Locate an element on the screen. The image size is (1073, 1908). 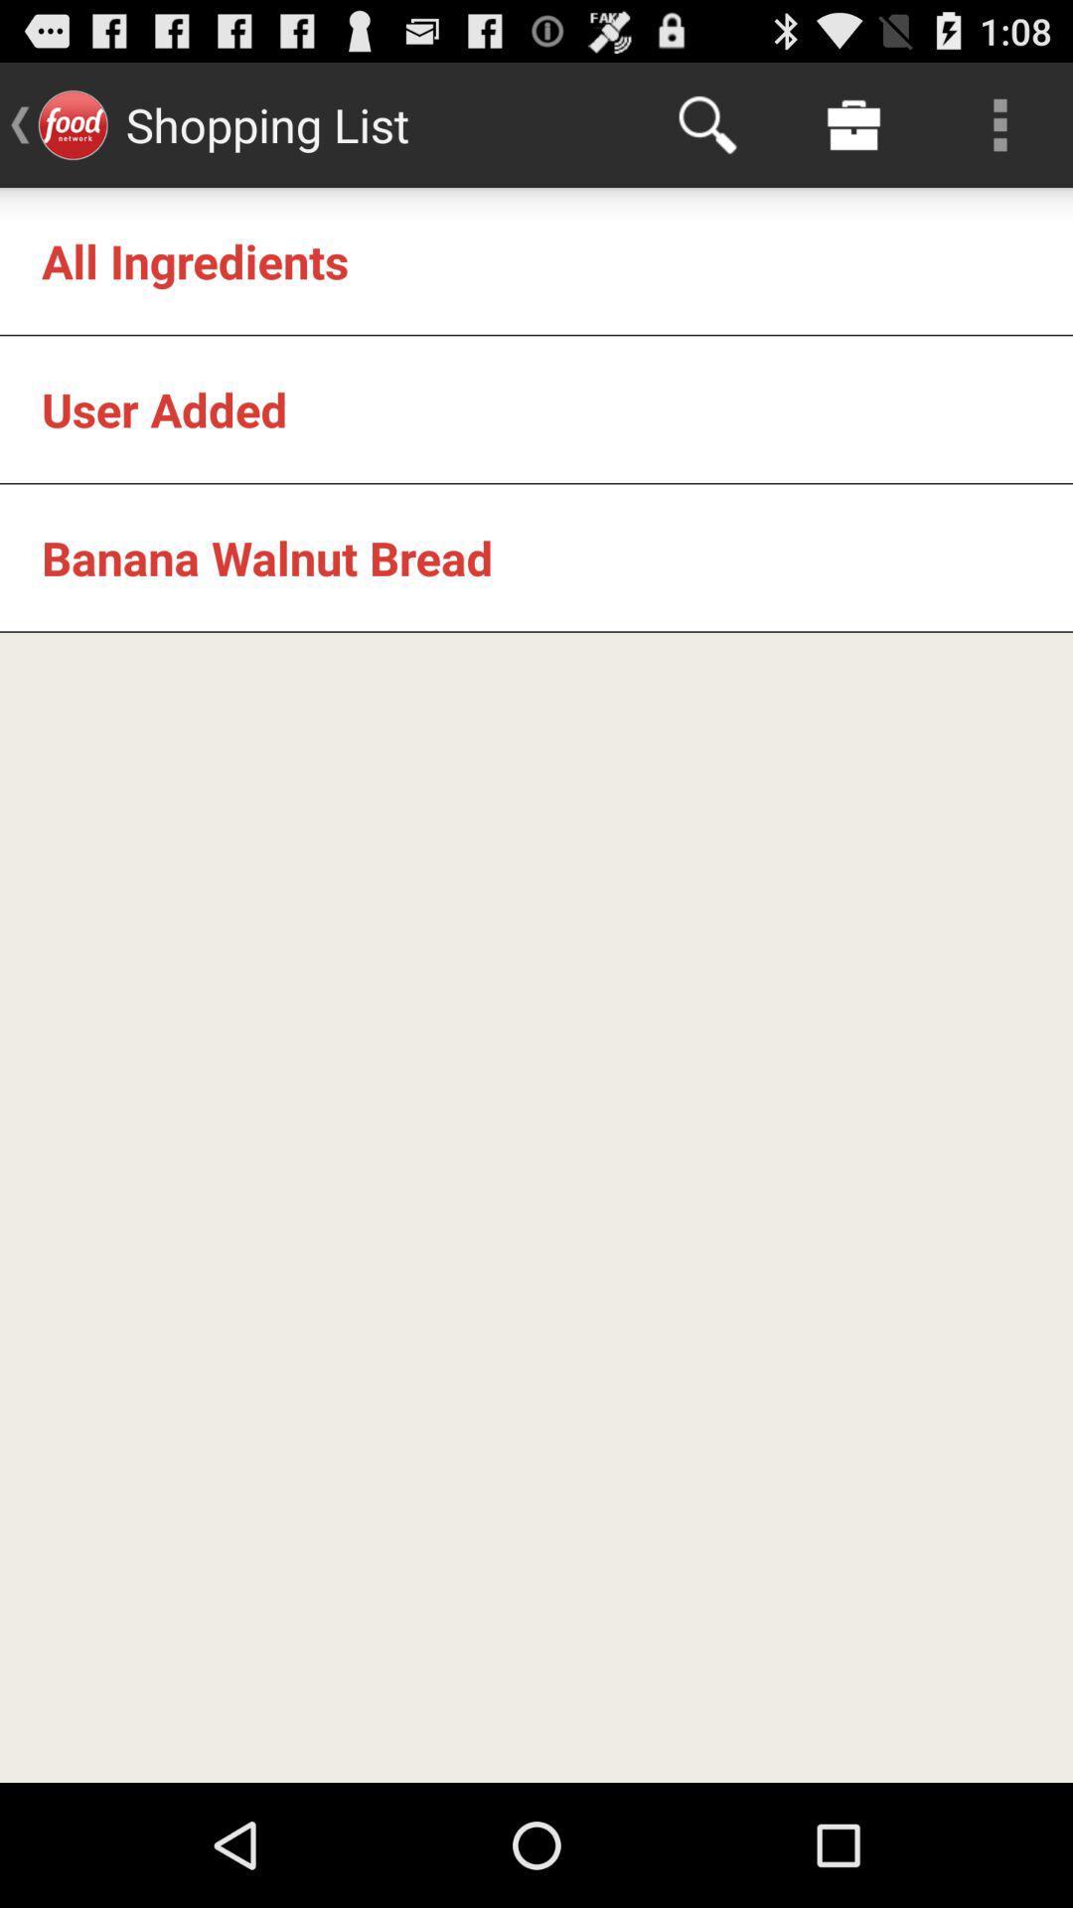
the item to the right of the shopping list icon is located at coordinates (706, 123).